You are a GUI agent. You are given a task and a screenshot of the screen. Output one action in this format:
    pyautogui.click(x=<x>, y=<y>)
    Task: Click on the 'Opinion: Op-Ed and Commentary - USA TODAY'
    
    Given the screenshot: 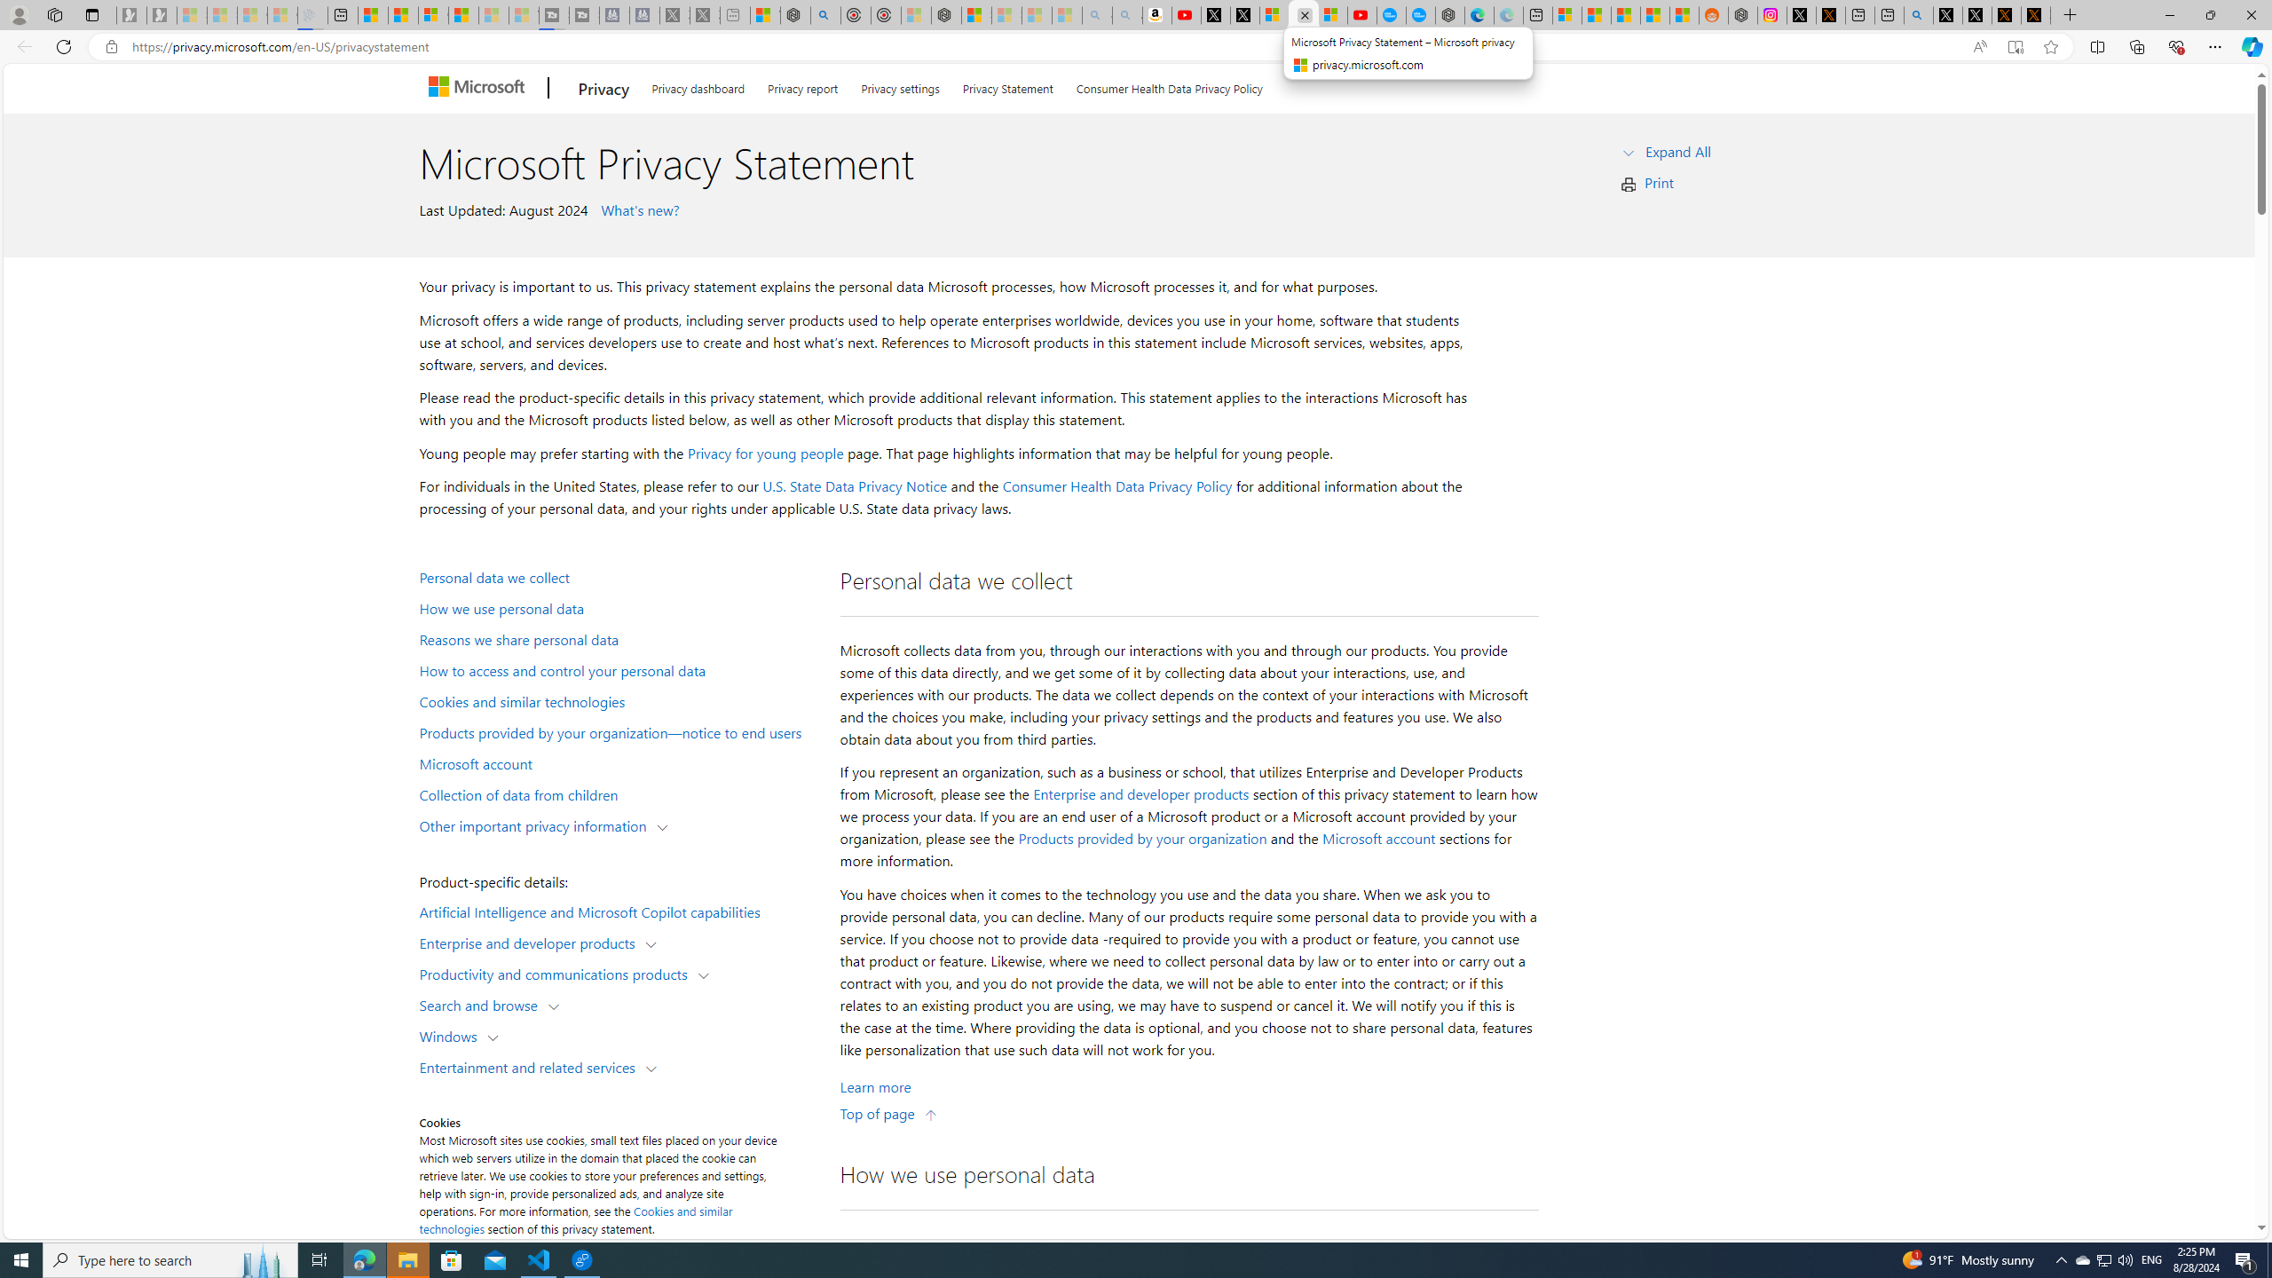 What is the action you would take?
    pyautogui.click(x=1392, y=14)
    